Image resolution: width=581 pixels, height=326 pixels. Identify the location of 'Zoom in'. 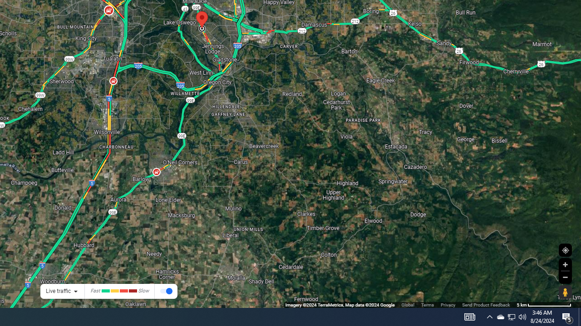
(565, 264).